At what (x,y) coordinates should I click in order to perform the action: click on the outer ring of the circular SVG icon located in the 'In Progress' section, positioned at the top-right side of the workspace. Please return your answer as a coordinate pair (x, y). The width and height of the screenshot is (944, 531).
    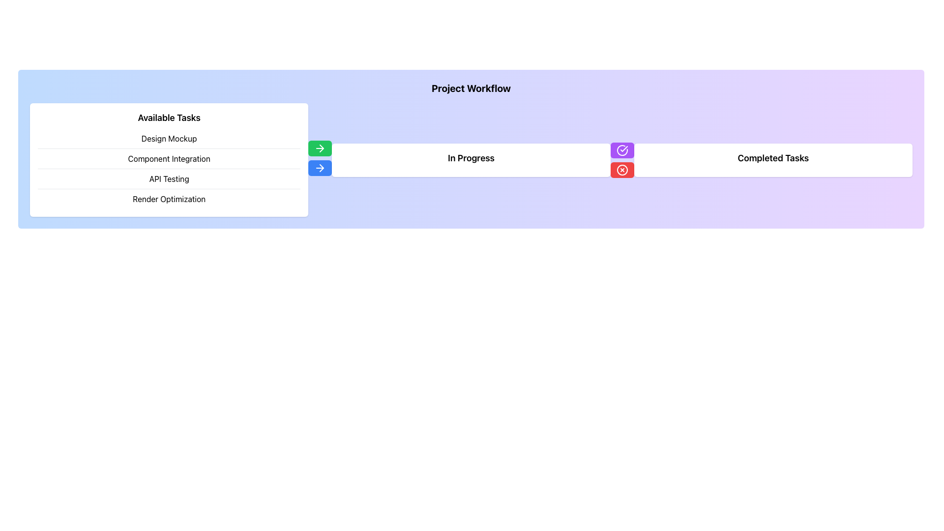
    Looking at the image, I should click on (621, 150).